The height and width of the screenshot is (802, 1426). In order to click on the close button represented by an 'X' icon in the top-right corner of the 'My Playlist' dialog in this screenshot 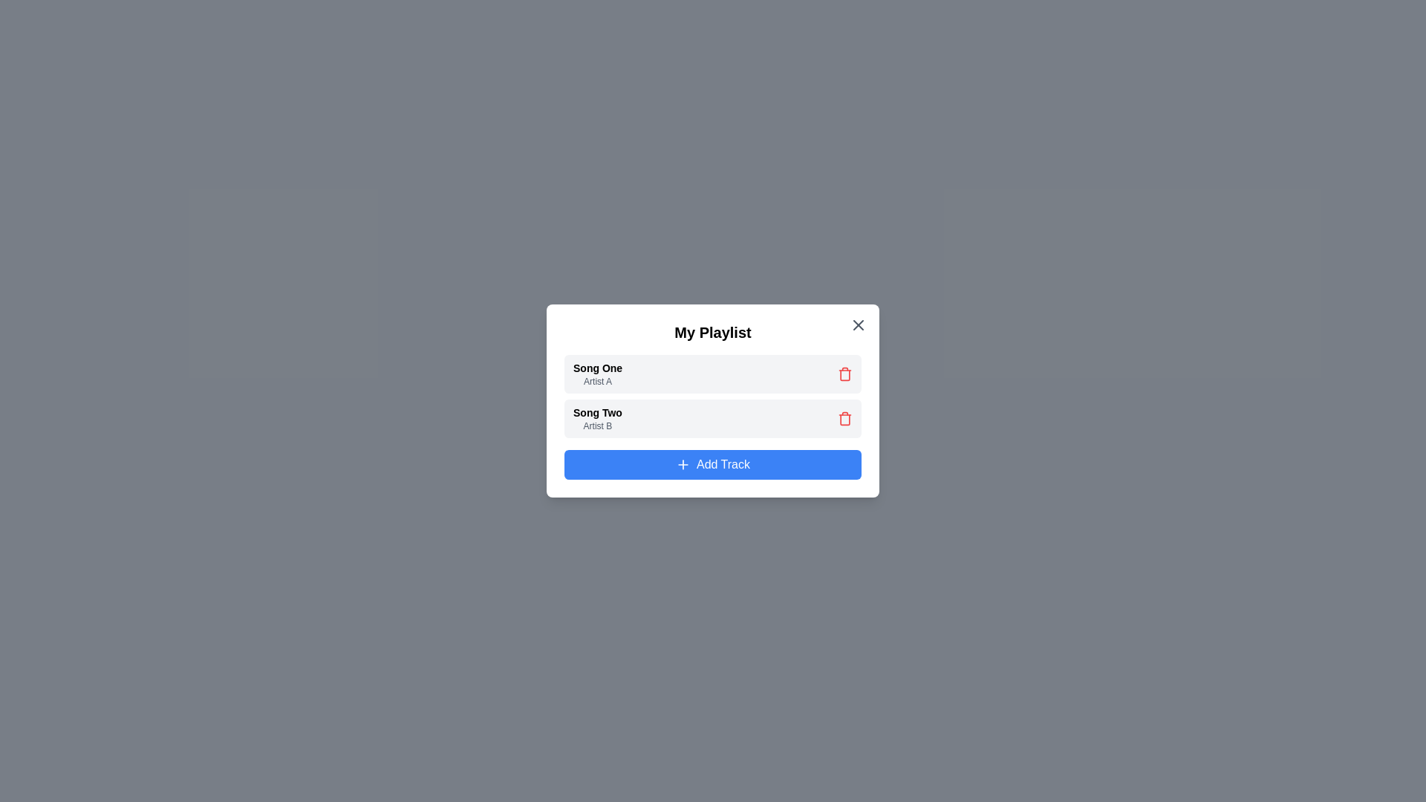, I will do `click(859, 325)`.